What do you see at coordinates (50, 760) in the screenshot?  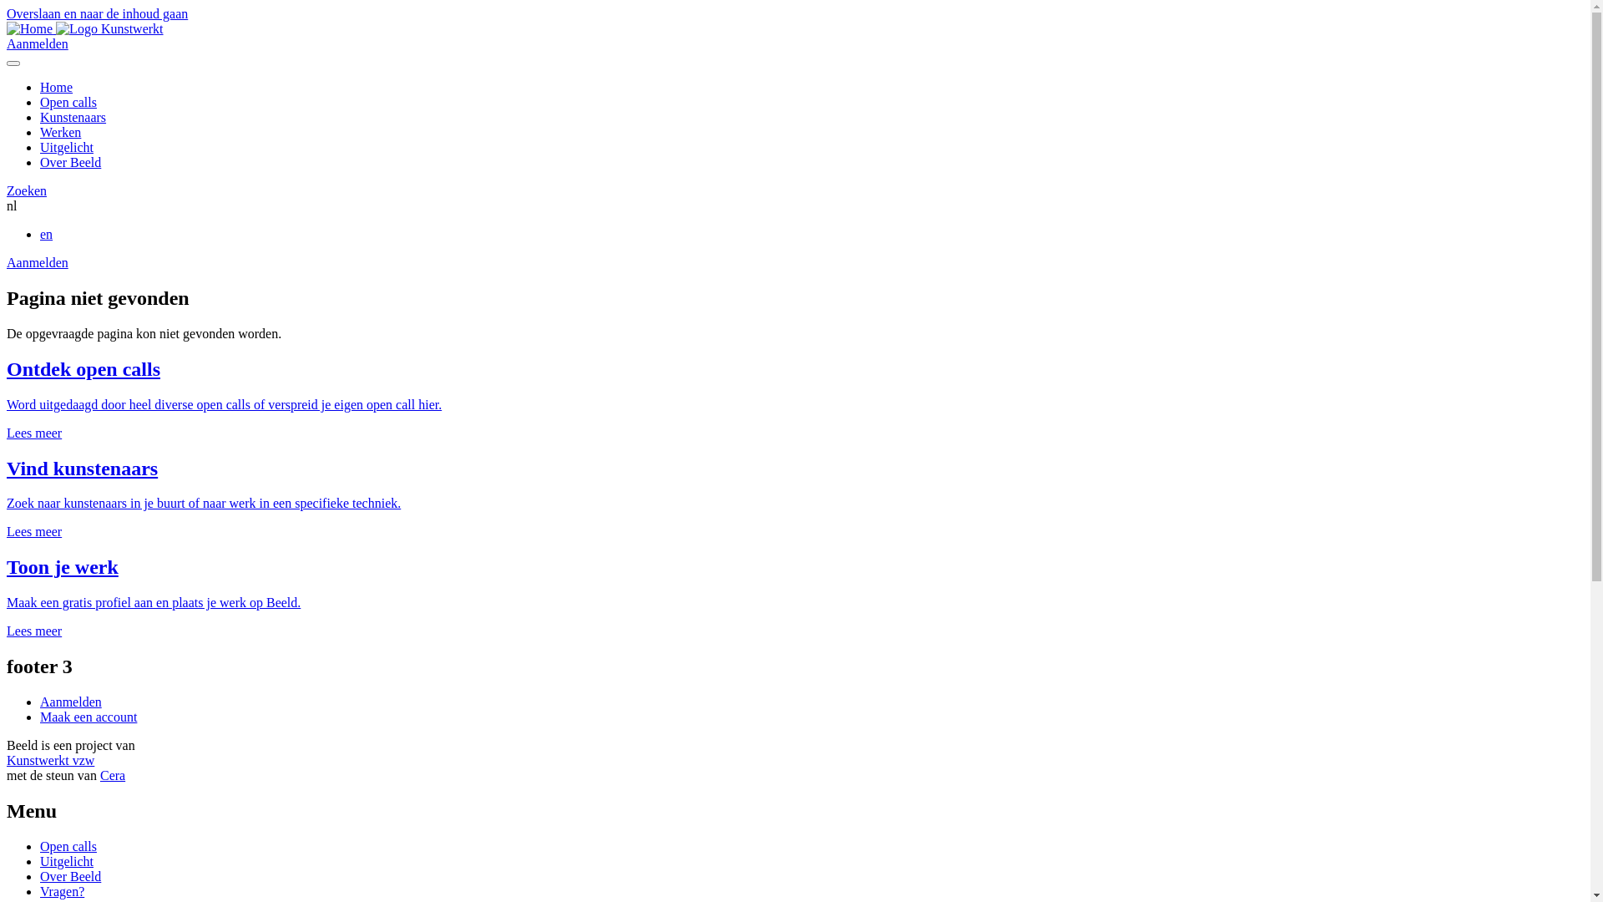 I see `'Kunstwerkt vzw'` at bounding box center [50, 760].